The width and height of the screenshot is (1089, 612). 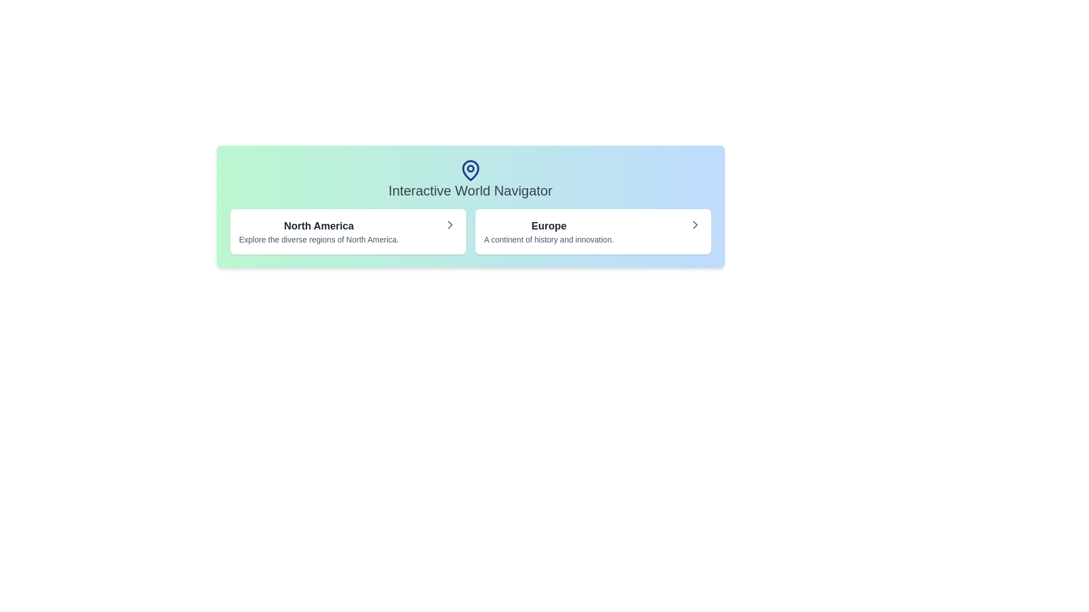 I want to click on the descriptive text element that provides secondary detail about the title 'Europe', so click(x=548, y=239).